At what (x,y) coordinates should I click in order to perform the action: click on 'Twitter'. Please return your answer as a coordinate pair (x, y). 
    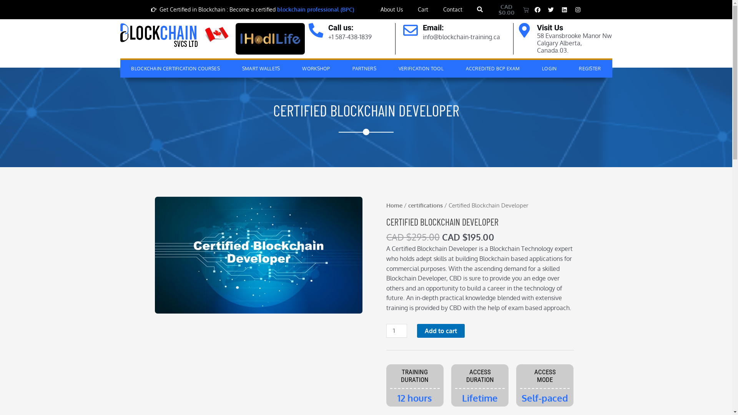
    Looking at the image, I should click on (551, 9).